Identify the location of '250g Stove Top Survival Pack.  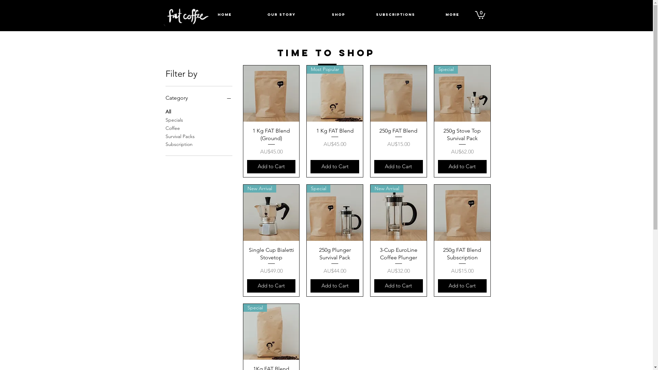
(462, 141).